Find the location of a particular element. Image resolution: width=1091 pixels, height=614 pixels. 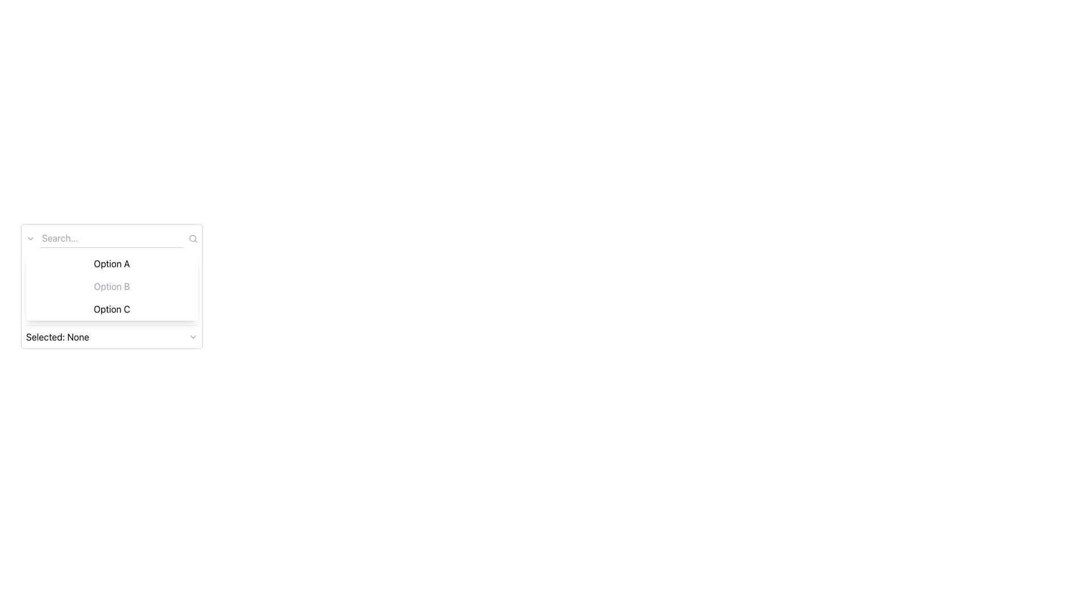

the third option in the dropdown menu is located at coordinates (111, 309).